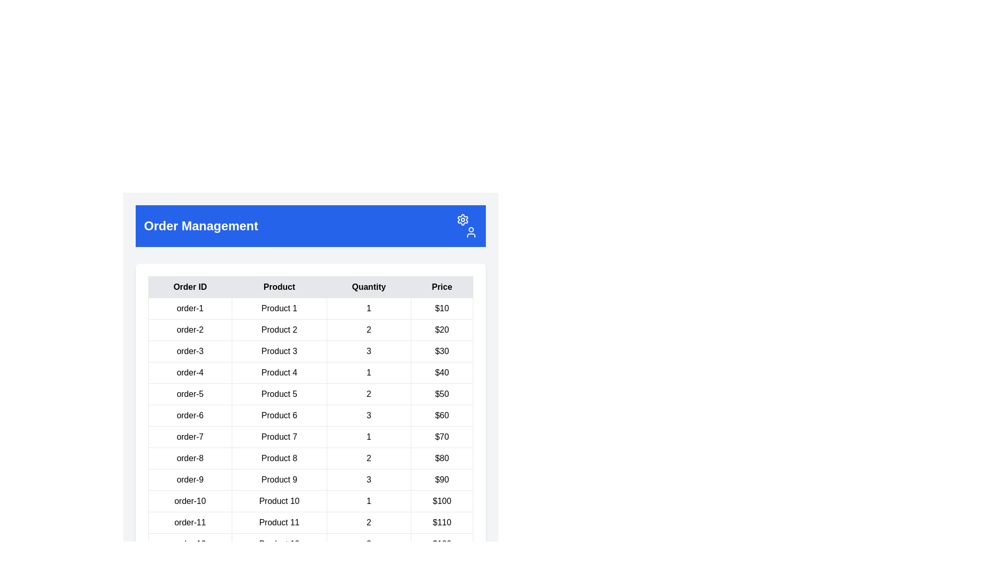 Image resolution: width=1002 pixels, height=564 pixels. I want to click on the Text Display Element that shows the numeric value '1' in the third column of the seventh row, representing 'Quantity' for 'Product 7', so click(368, 437).